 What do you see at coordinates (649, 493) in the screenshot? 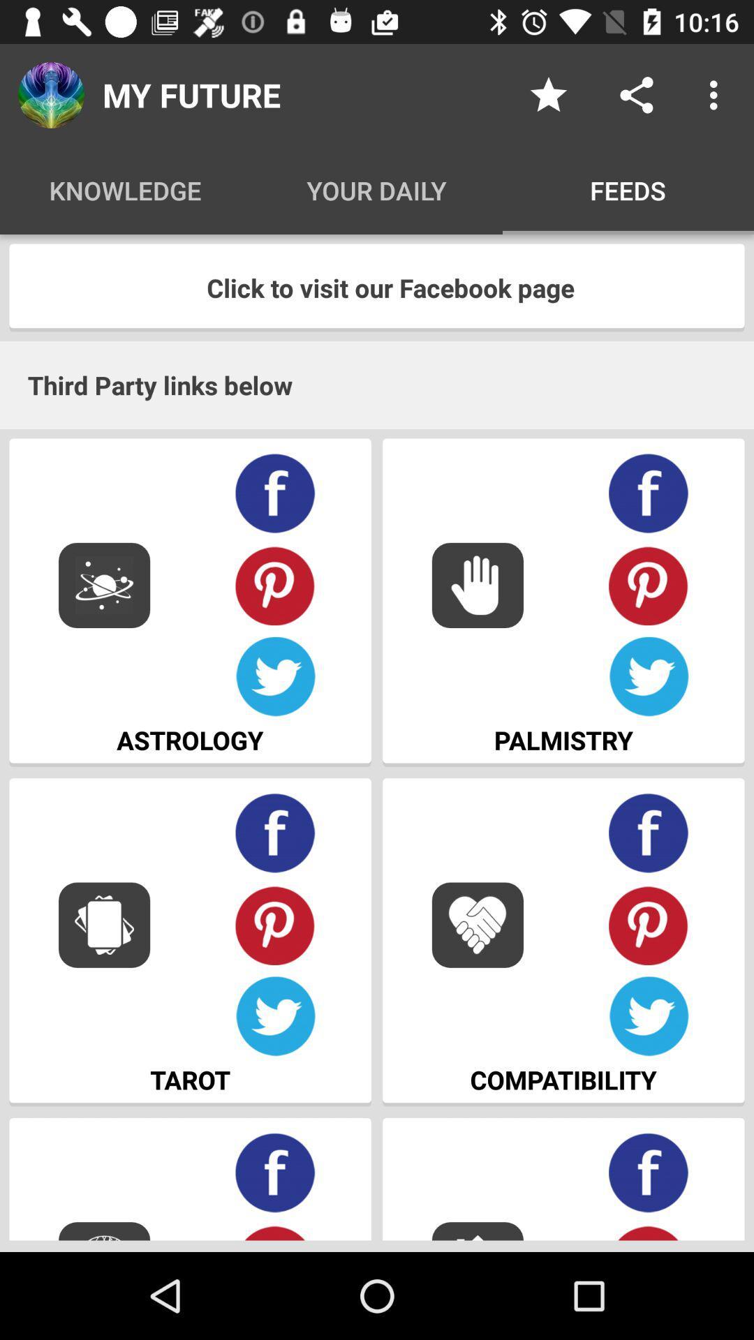
I see `facebook` at bounding box center [649, 493].